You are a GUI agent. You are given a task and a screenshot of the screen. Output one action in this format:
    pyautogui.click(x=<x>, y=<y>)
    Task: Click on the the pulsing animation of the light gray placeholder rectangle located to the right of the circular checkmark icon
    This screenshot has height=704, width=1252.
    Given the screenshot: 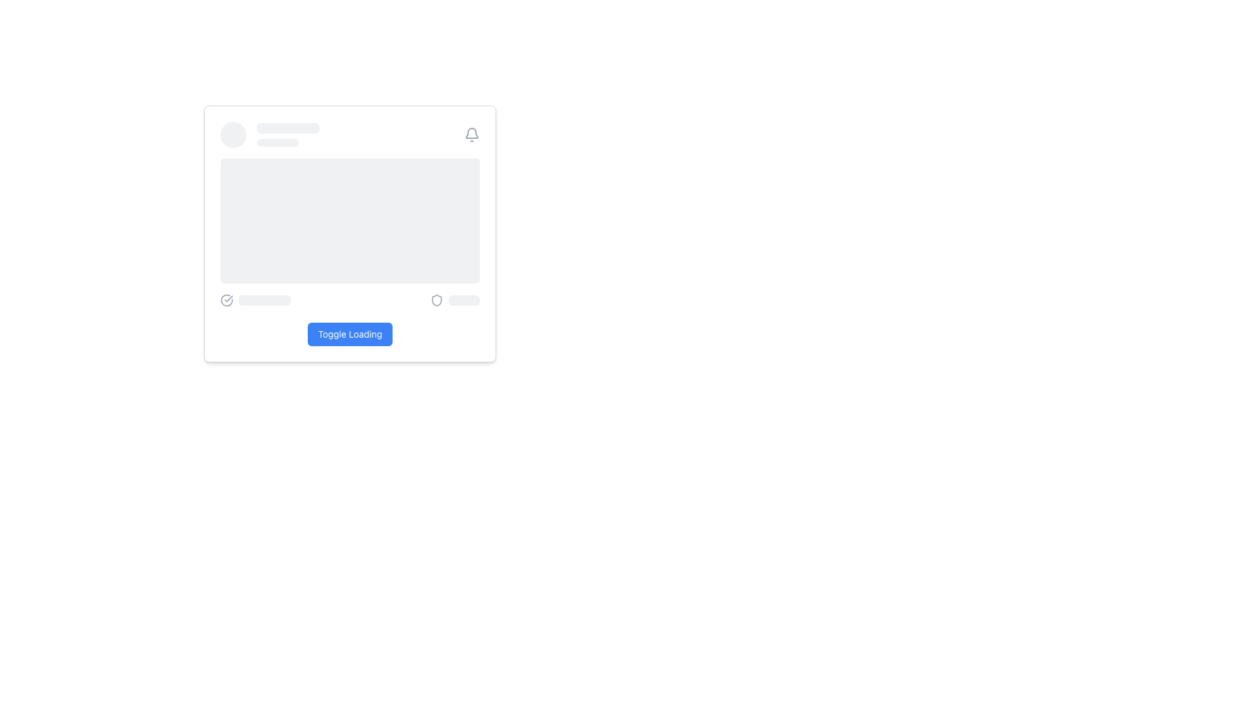 What is the action you would take?
    pyautogui.click(x=264, y=301)
    